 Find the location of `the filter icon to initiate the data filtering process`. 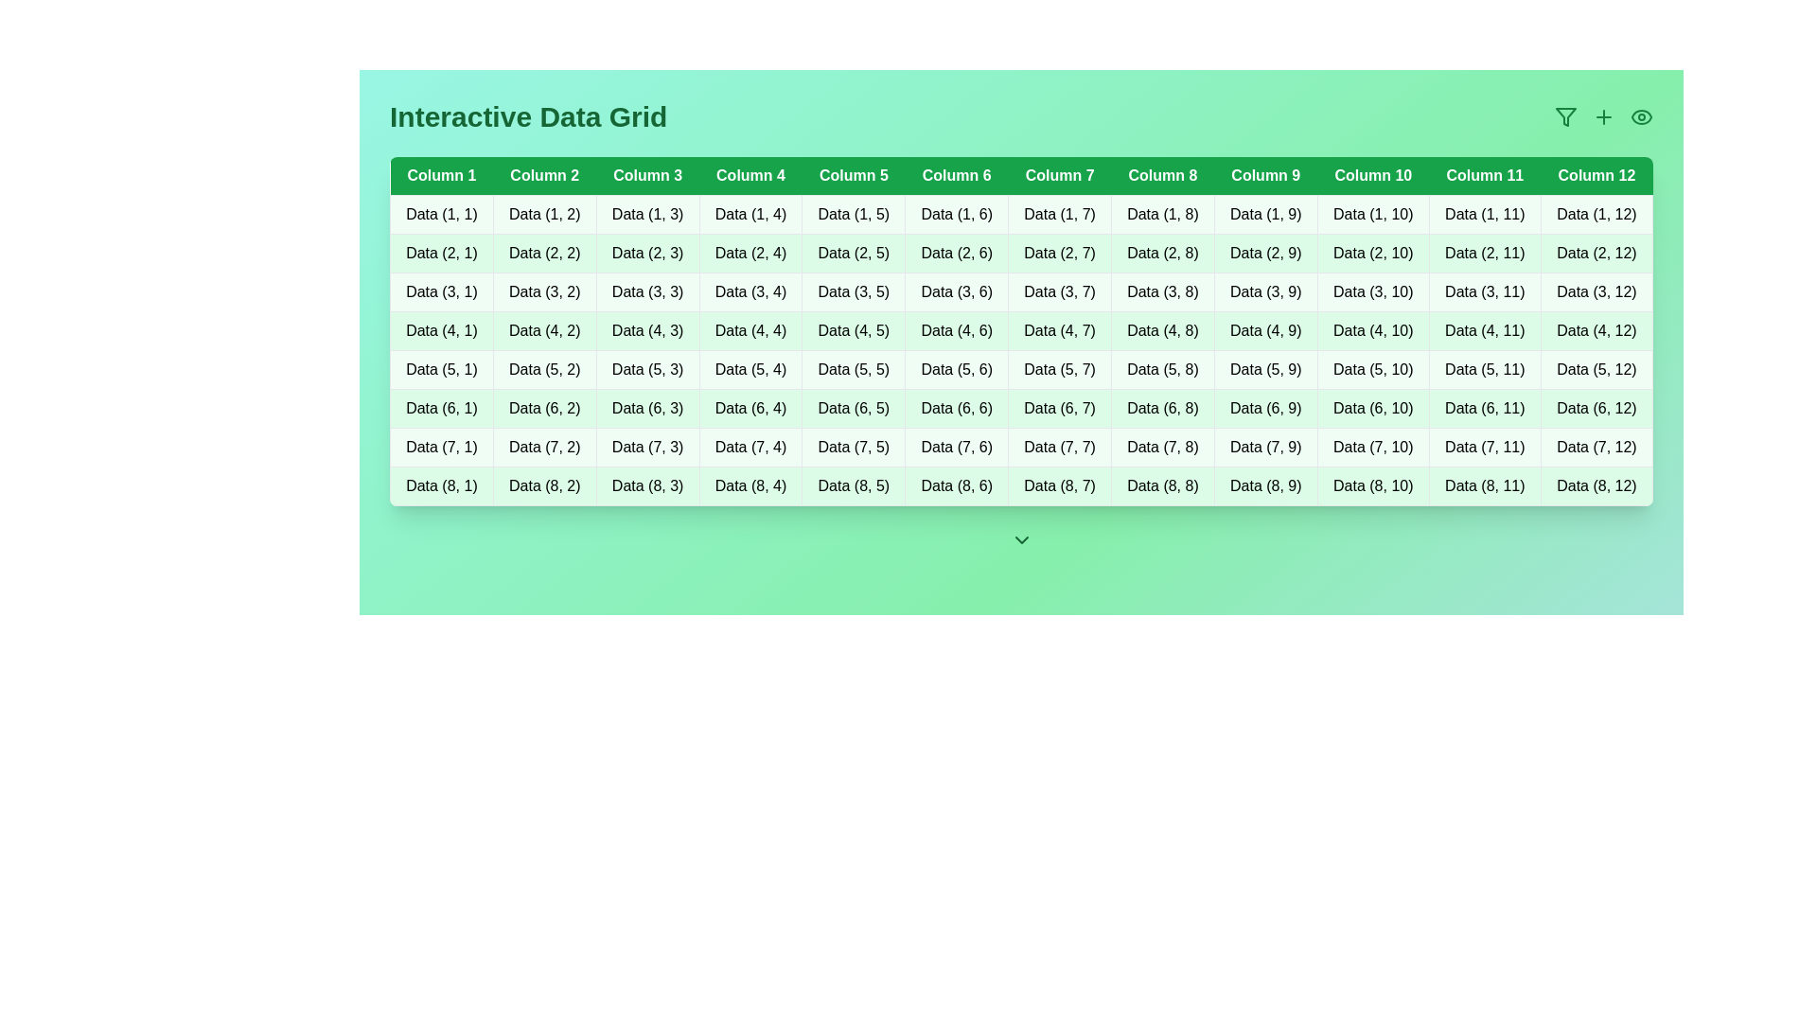

the filter icon to initiate the data filtering process is located at coordinates (1566, 116).